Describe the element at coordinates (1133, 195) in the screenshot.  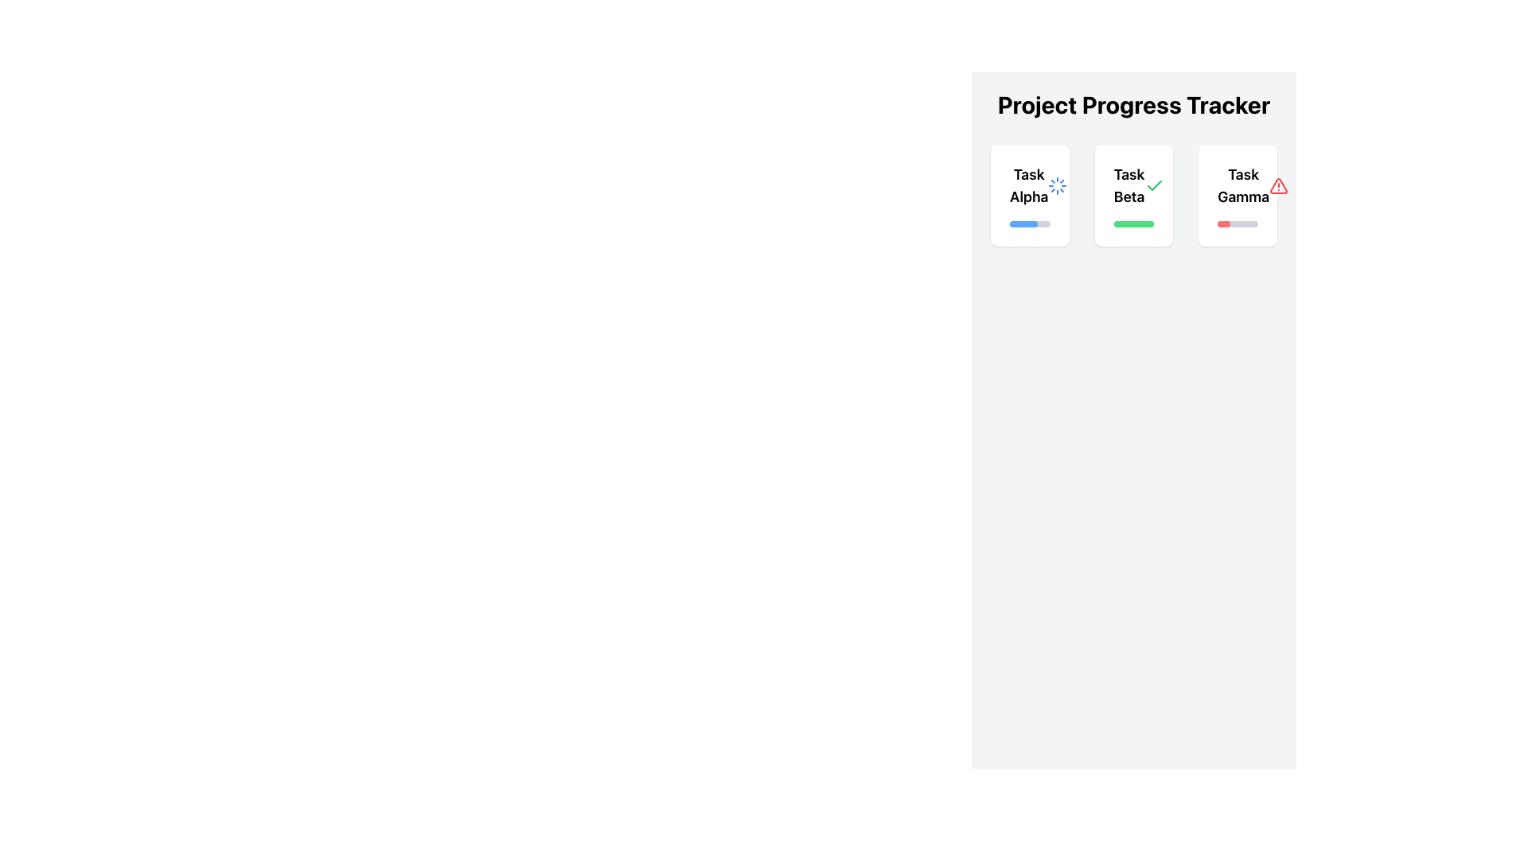
I see `the progress tracker card for 'Task Beta', which visually indicates its completion status with a green progress bar and a checkmark icon, located in the grid titled 'Project Progress Tracker'` at that location.